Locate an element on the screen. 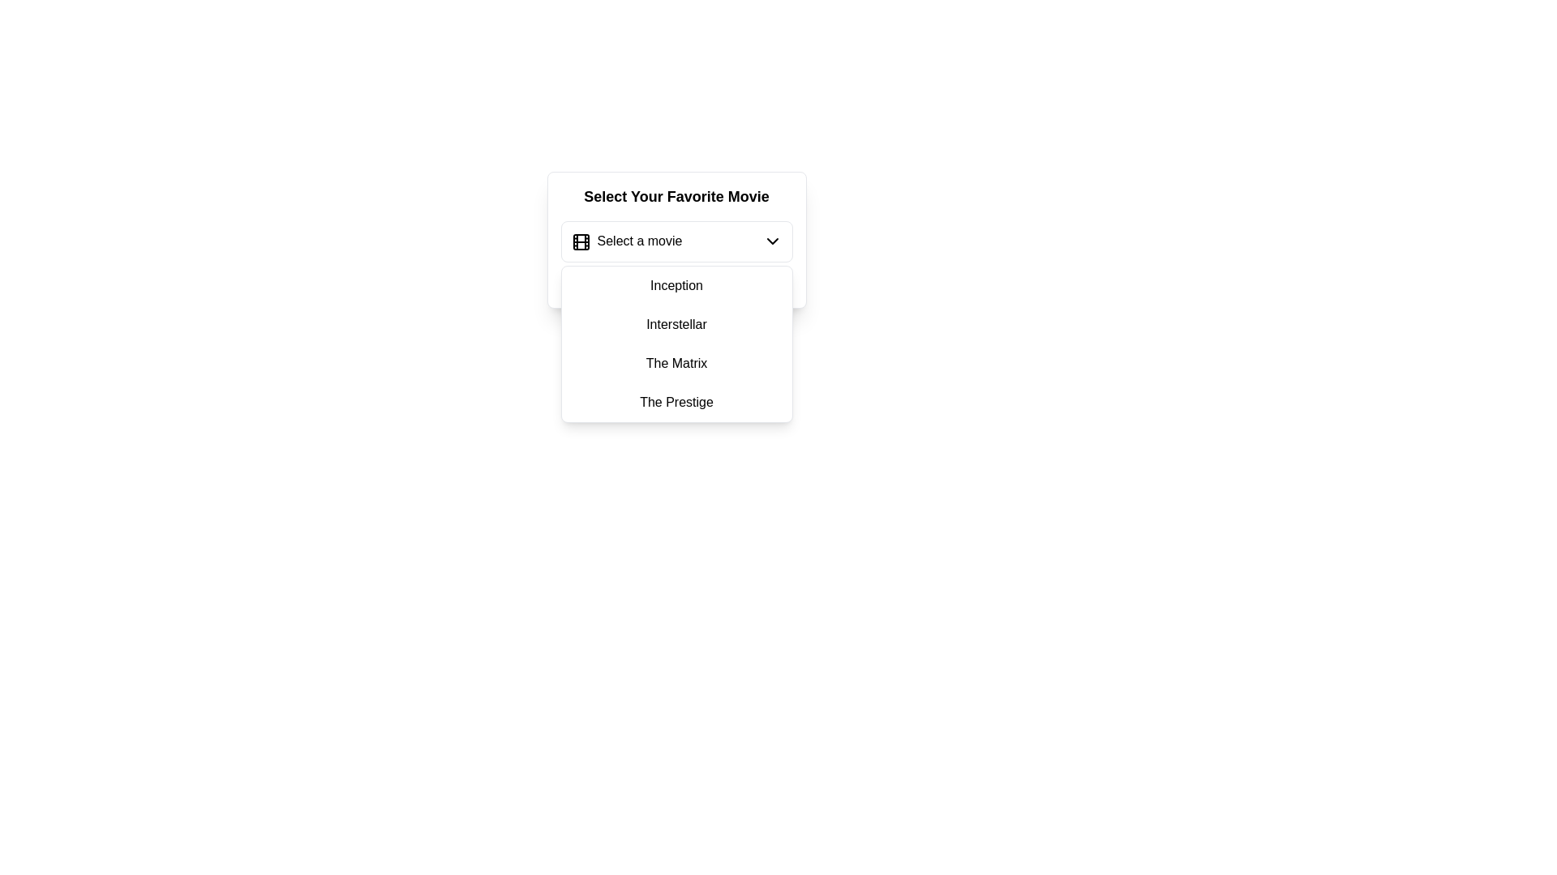  the Decorative Icon Component, which is styled as a film reel and located at the top-left corner of a dropdown selection field is located at coordinates (581, 241).